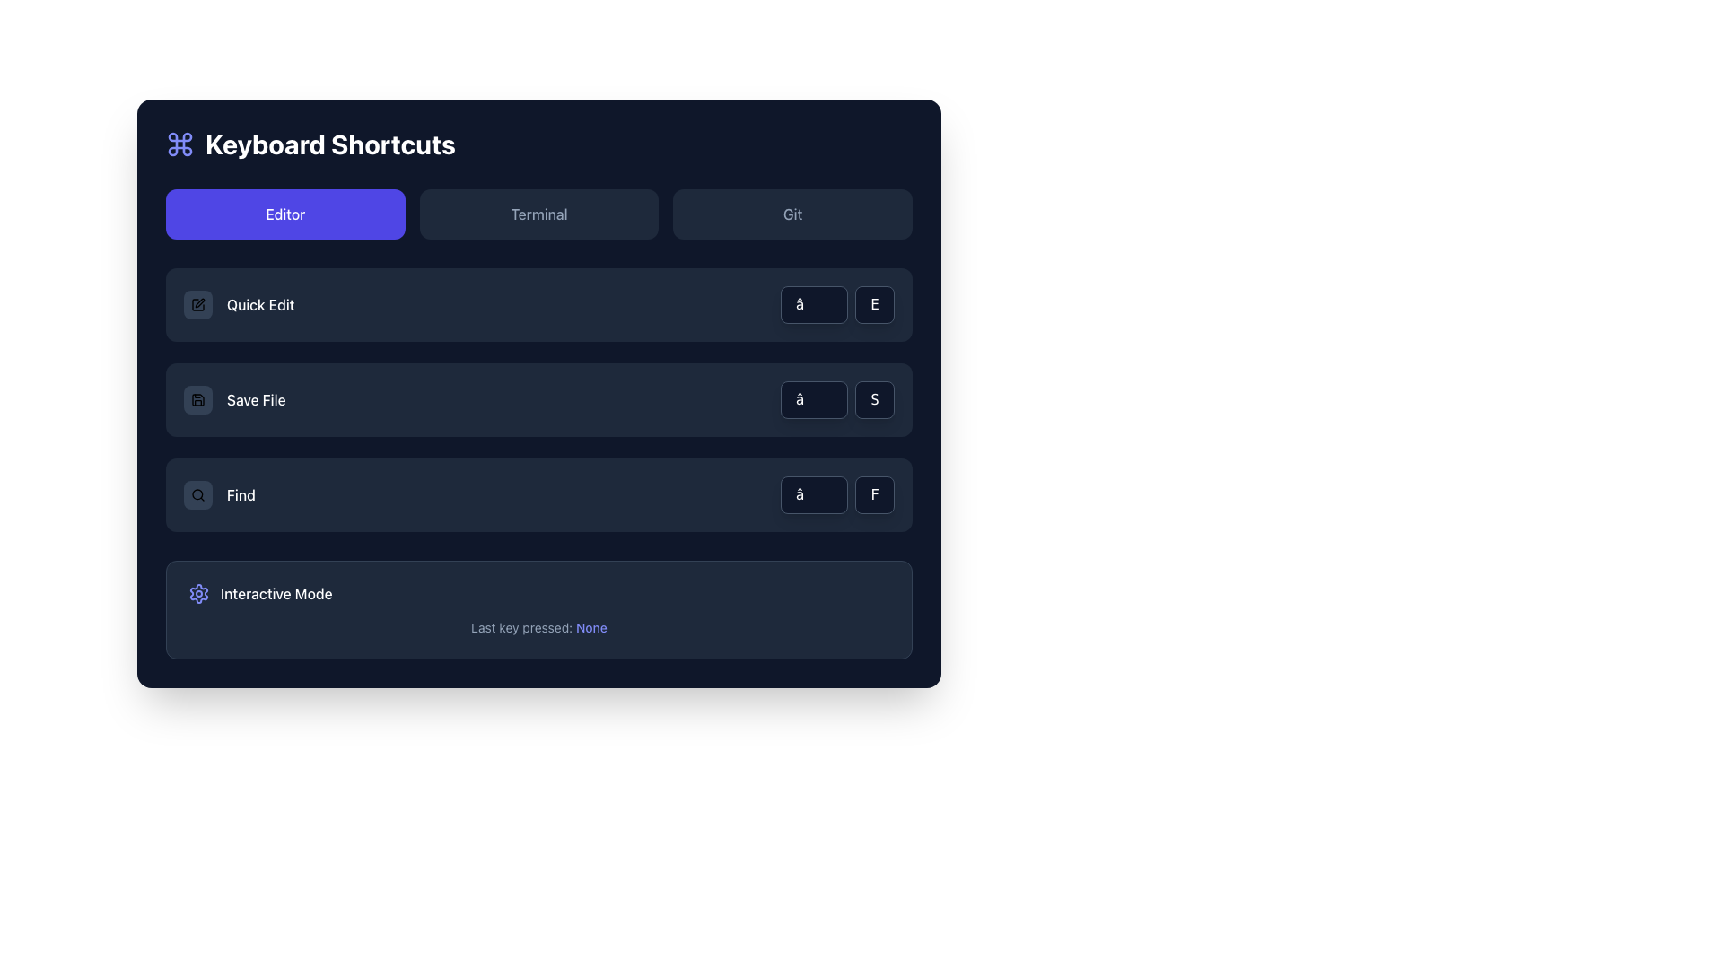 This screenshot has height=969, width=1723. I want to click on the blue command key icon resembling a four-looped clover shape, located at the top left corner of the interface, next to 'Keyboard Shortcuts', so click(180, 144).